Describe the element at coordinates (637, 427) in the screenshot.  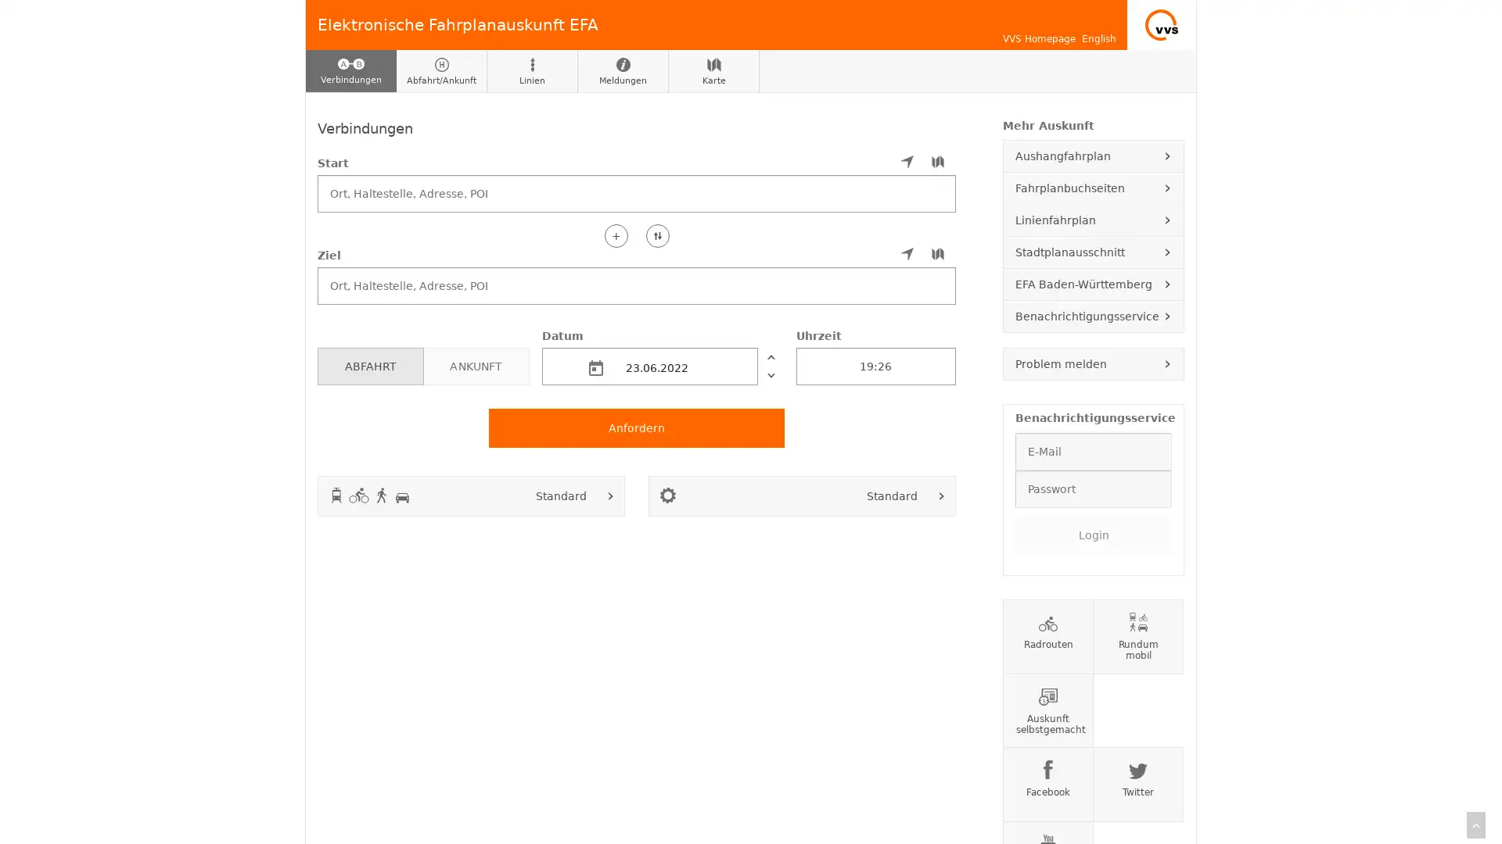
I see `Anfordern` at that location.